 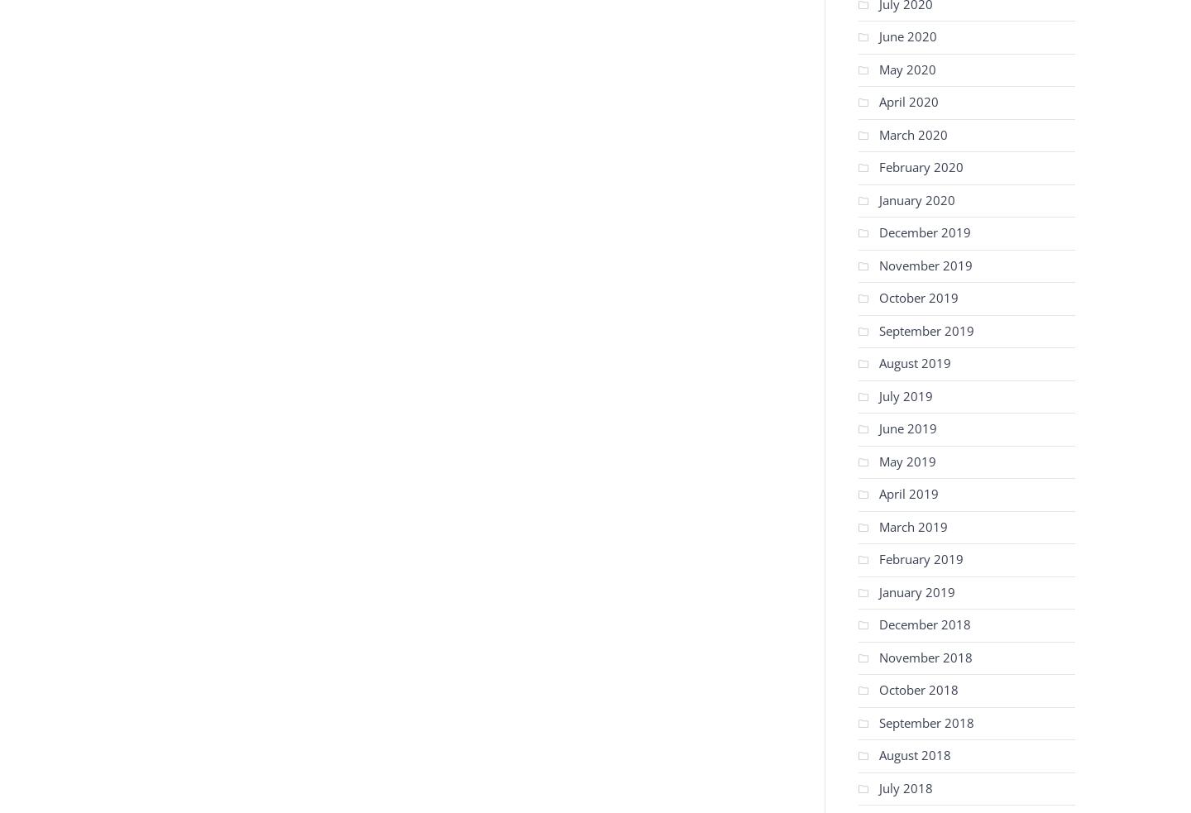 I want to click on 'June 2019', so click(x=907, y=428).